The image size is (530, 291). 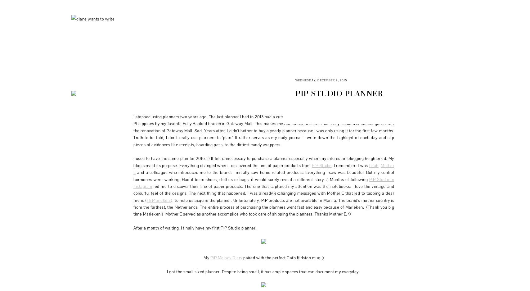 What do you see at coordinates (264, 169) in the screenshot?
I see `'Mother E'` at bounding box center [264, 169].